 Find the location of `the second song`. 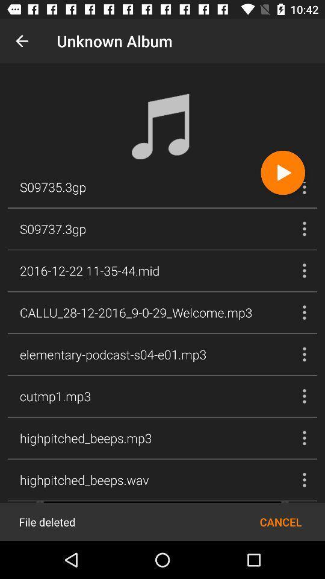

the second song is located at coordinates (303, 228).